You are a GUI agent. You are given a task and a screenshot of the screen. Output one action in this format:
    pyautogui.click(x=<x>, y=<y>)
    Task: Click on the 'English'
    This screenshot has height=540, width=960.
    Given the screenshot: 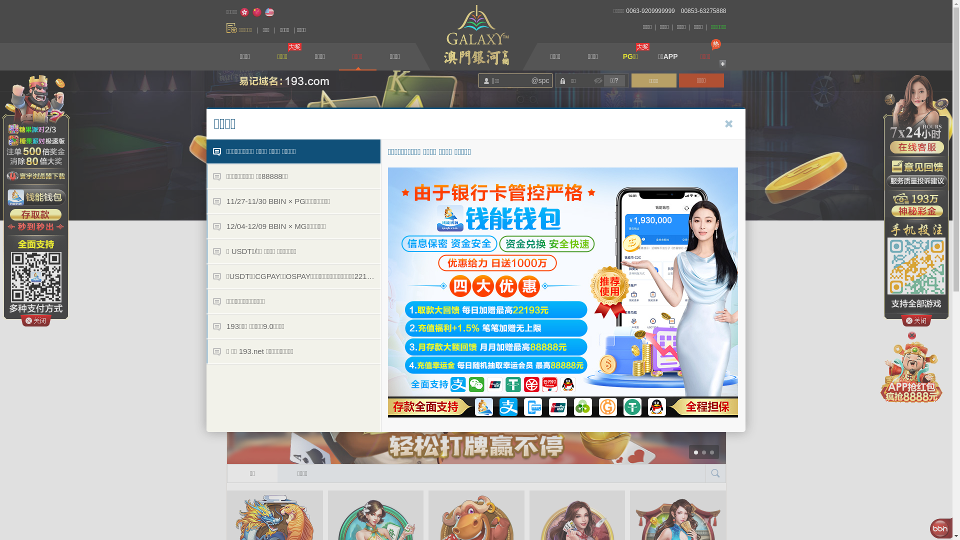 What is the action you would take?
    pyautogui.click(x=269, y=12)
    